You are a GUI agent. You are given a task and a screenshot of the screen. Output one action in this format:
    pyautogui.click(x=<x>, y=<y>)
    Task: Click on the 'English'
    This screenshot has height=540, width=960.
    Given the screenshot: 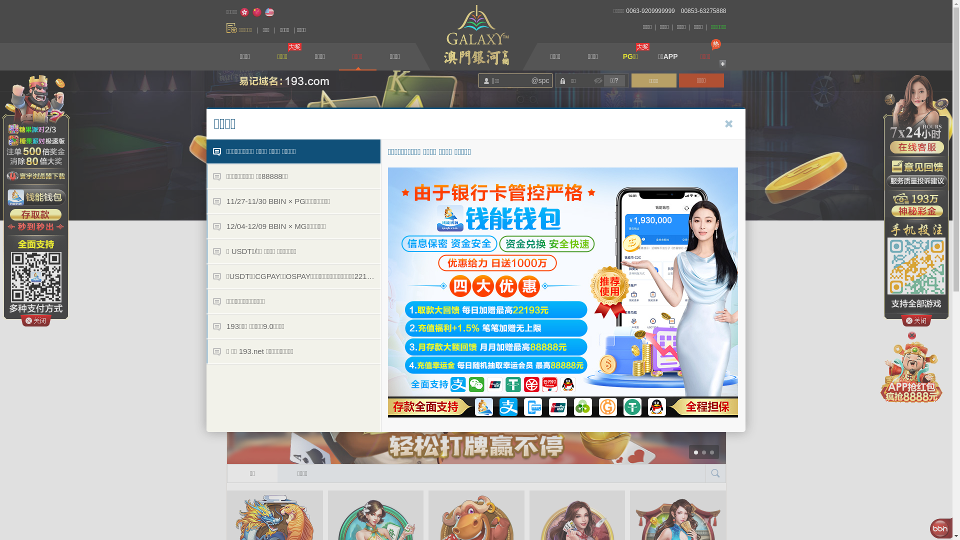 What is the action you would take?
    pyautogui.click(x=269, y=12)
    